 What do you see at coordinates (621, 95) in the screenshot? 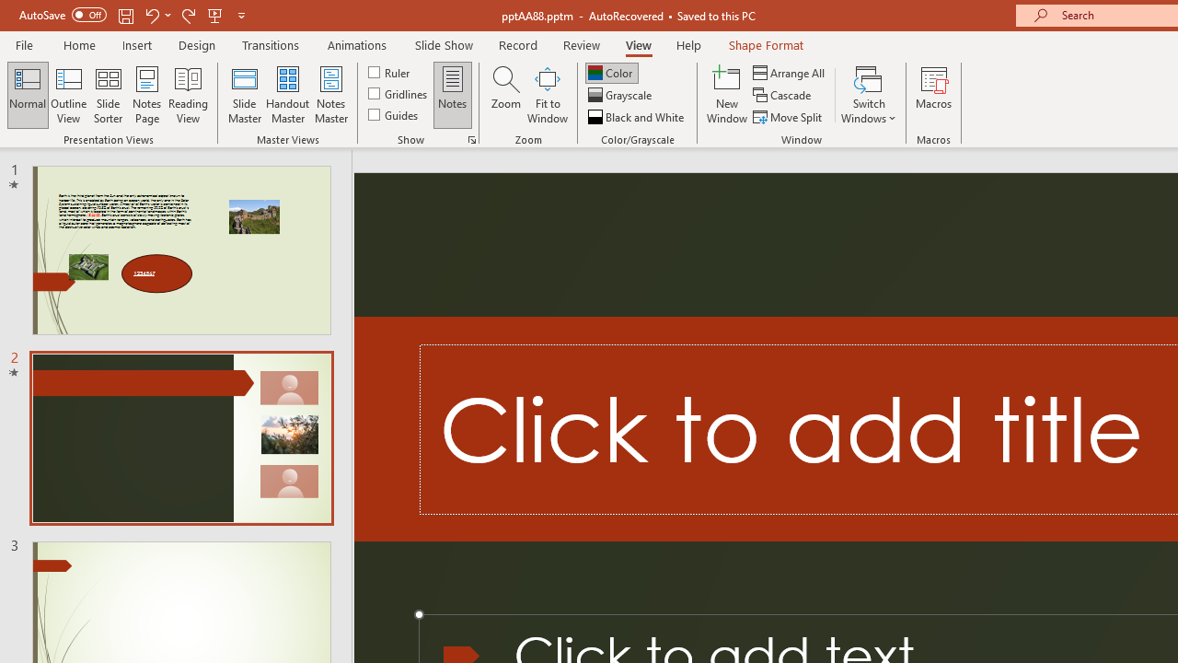
I see `'Grayscale'` at bounding box center [621, 95].